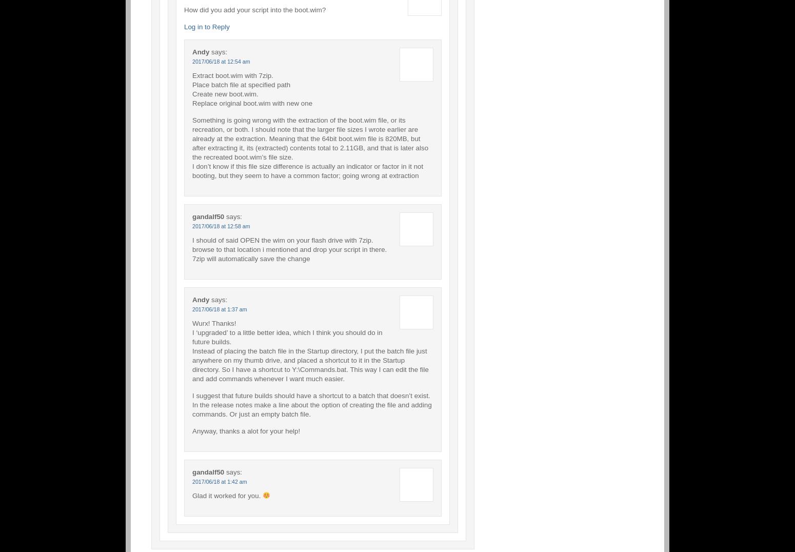 The width and height of the screenshot is (795, 552). What do you see at coordinates (289, 248) in the screenshot?
I see `'I should of said OPEN the wim on your flash drive with 7zip. browse to that location i mentioned and drop your script in there. 7zip will automatically save the change'` at bounding box center [289, 248].